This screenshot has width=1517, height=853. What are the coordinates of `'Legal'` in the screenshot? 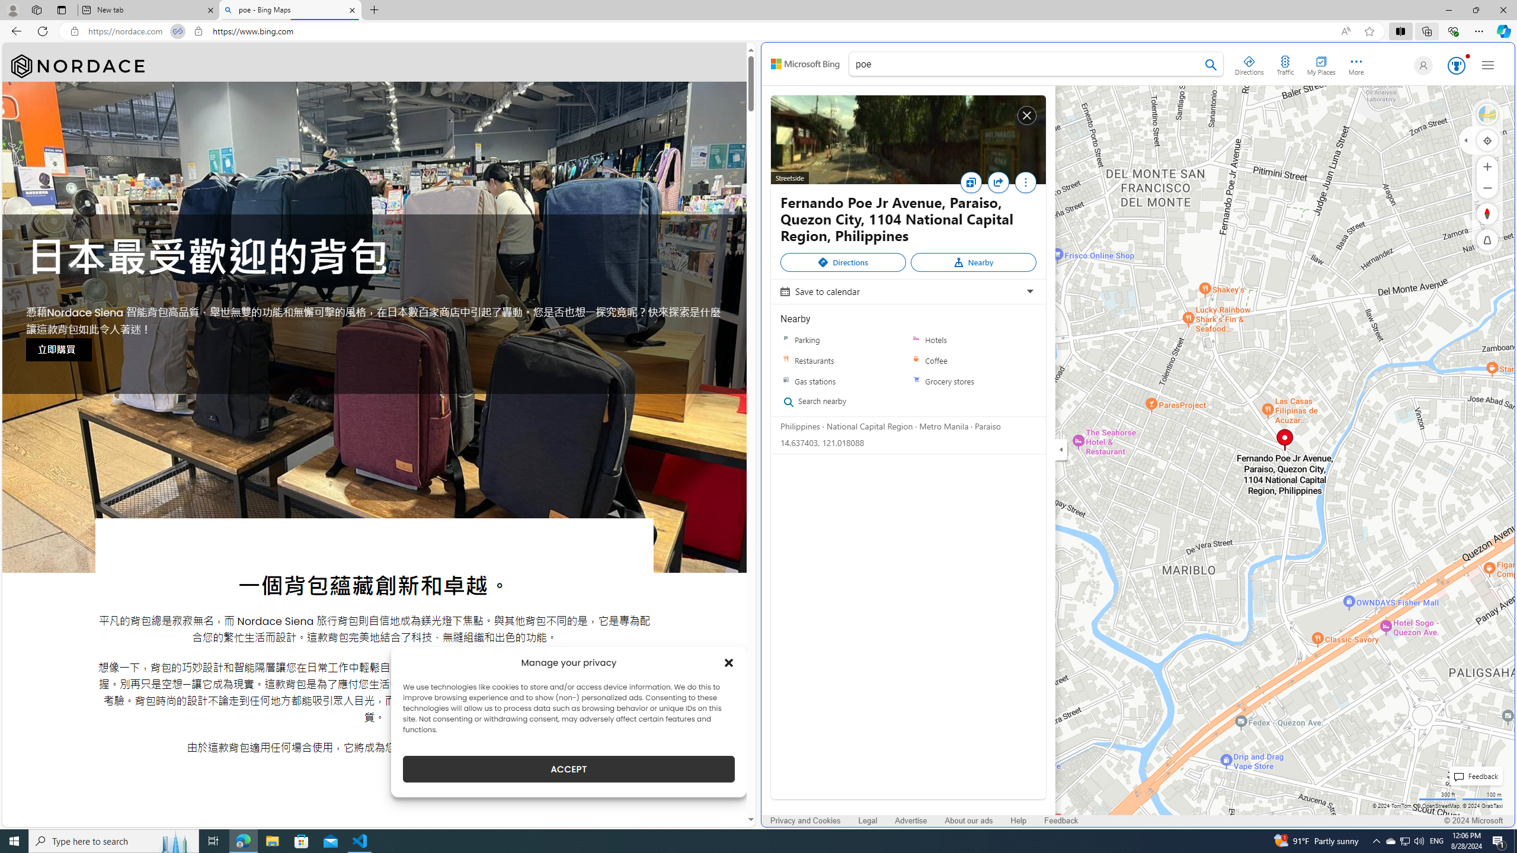 It's located at (868, 820).